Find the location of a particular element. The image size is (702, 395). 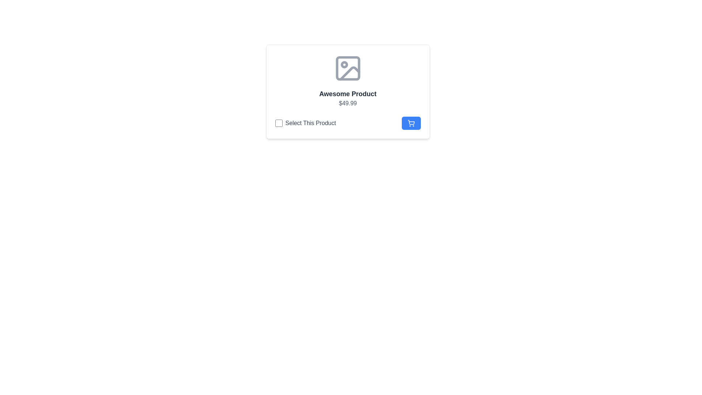

the 'Add to Cart' button located at the far-right of the 'Select This Product' section is located at coordinates (411, 123).